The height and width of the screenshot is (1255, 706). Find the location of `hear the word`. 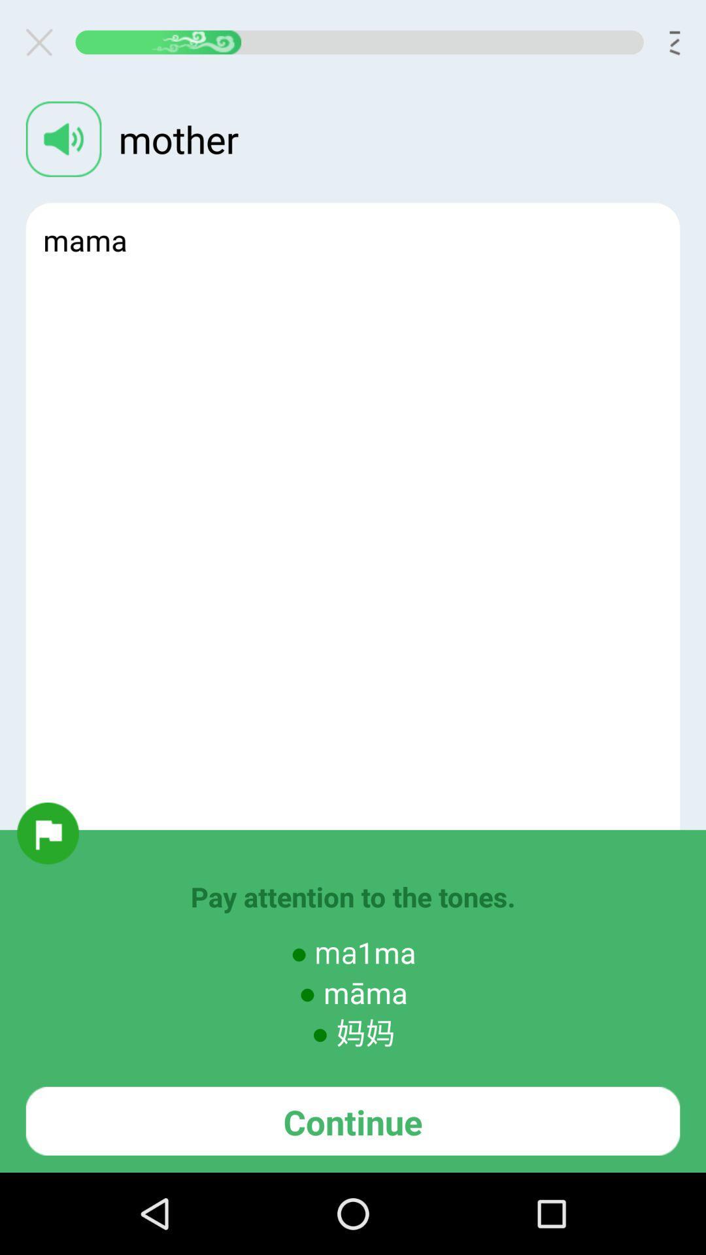

hear the word is located at coordinates (63, 139).